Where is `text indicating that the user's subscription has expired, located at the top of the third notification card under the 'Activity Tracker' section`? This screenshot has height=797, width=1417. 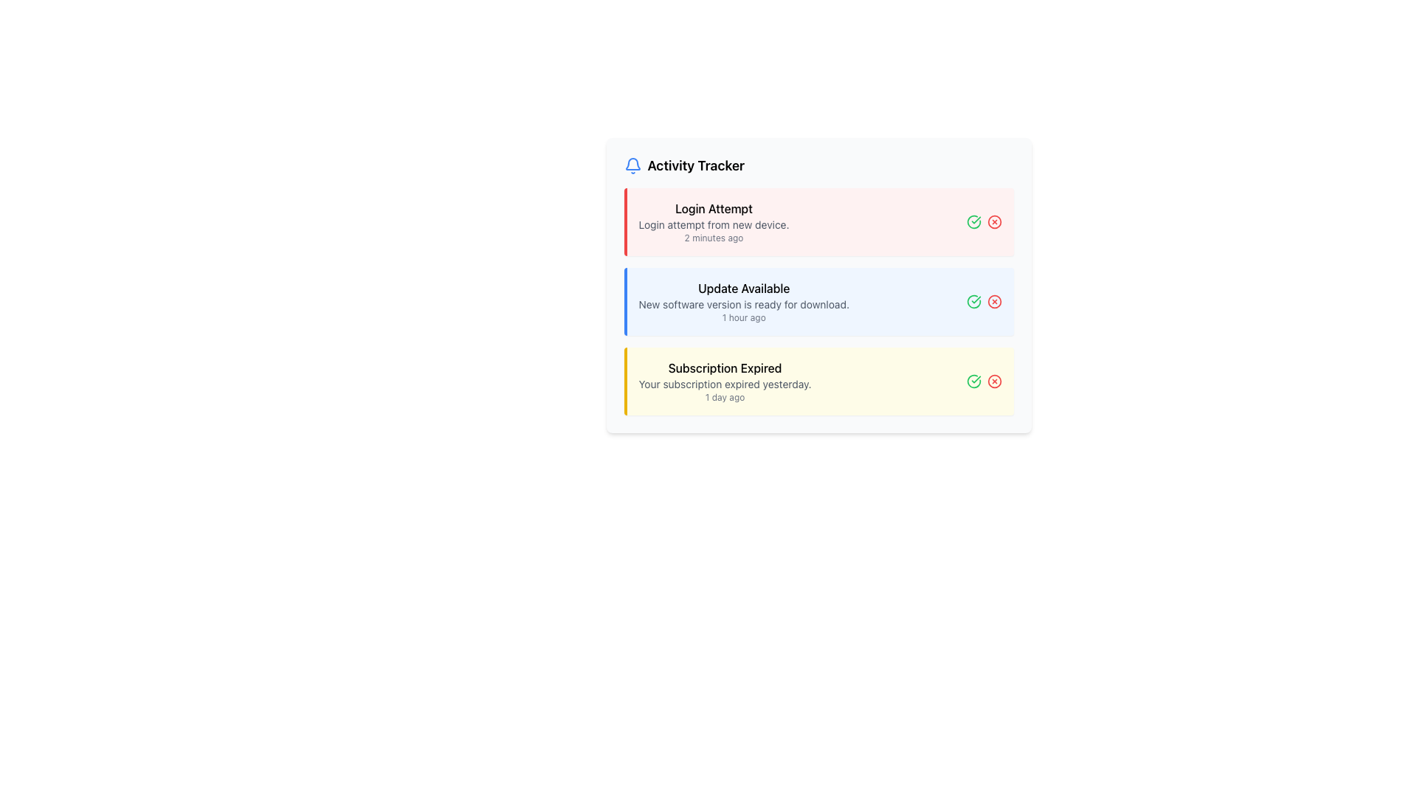 text indicating that the user's subscription has expired, located at the top of the third notification card under the 'Activity Tracker' section is located at coordinates (725, 367).